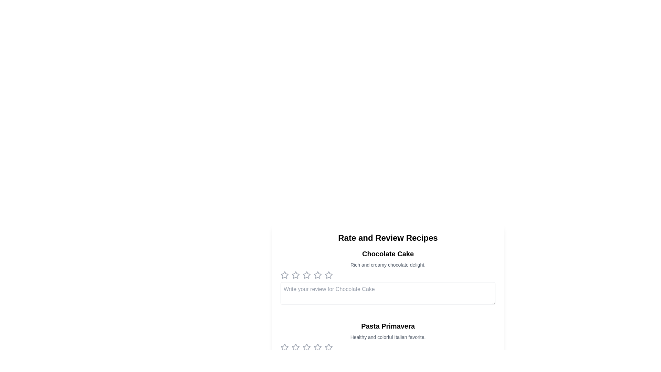 This screenshot has width=661, height=372. Describe the element at coordinates (284, 347) in the screenshot. I see `the first interactive star icon in the rating system located beneath the 'Pasta Primavera' header` at that location.